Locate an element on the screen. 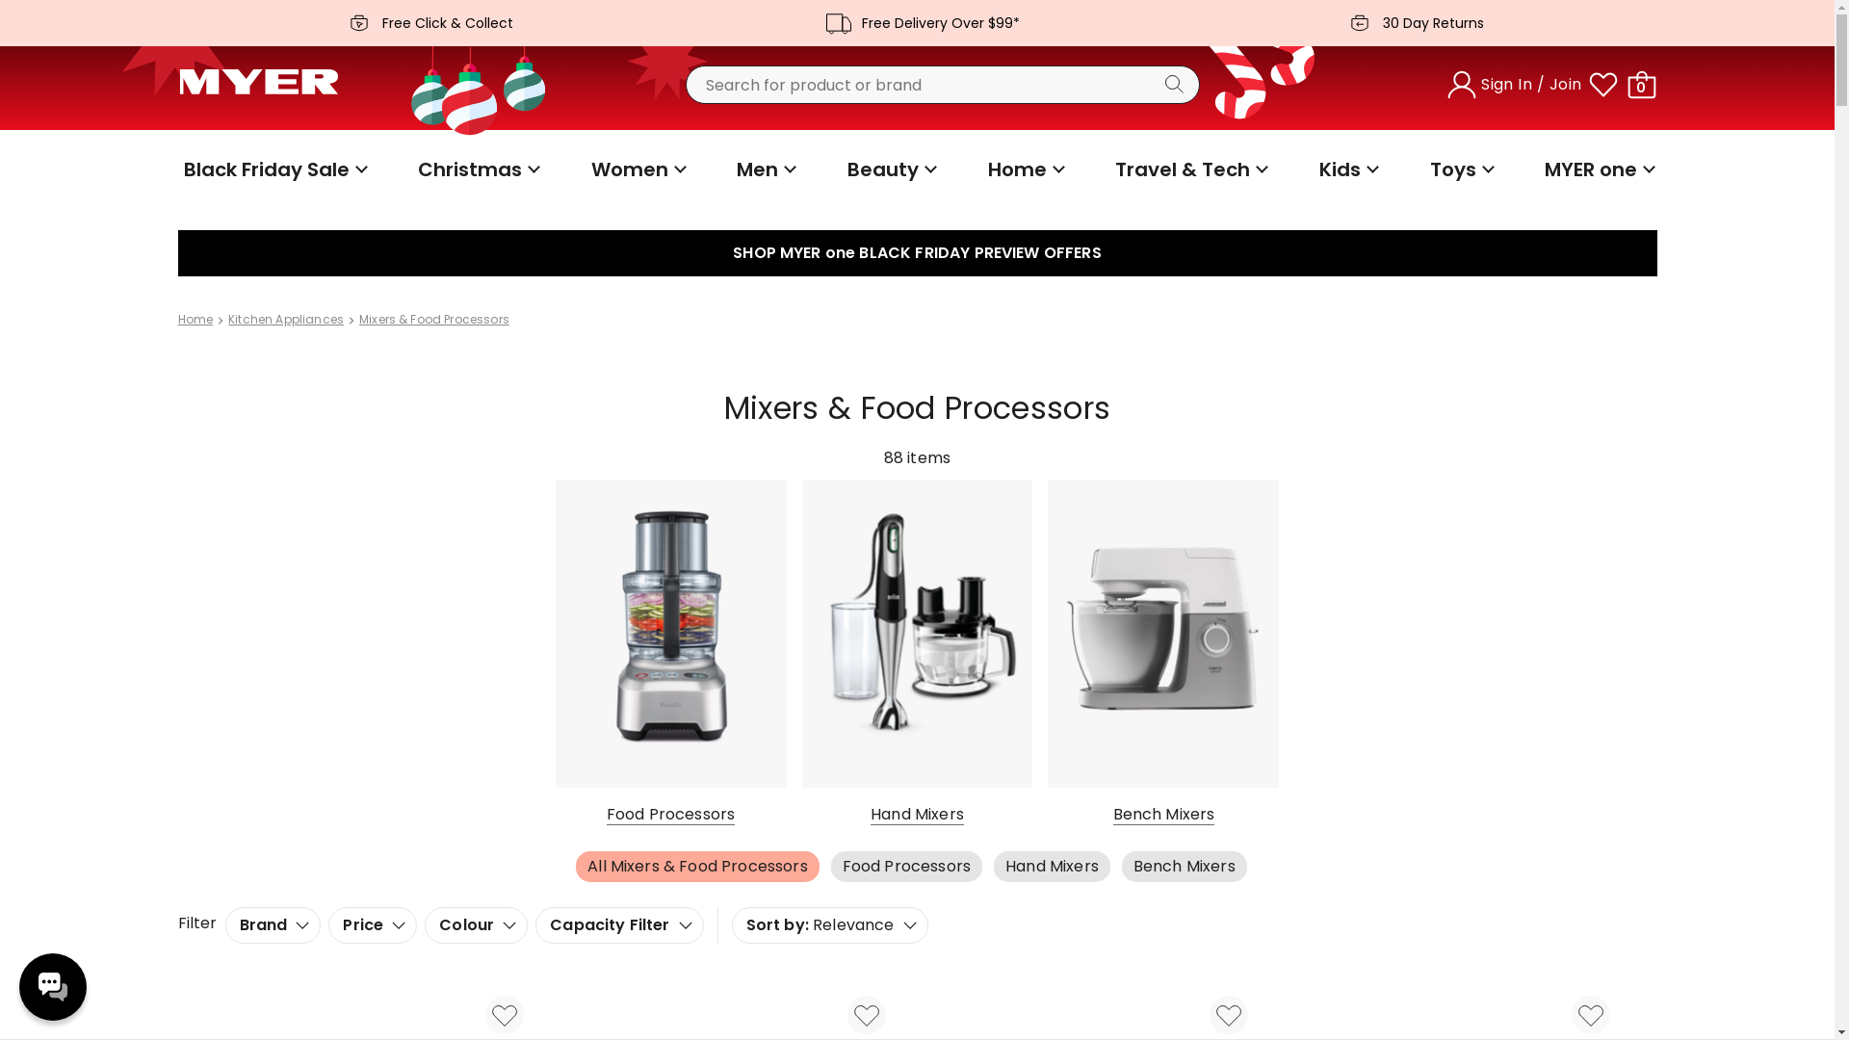 Image resolution: width=1849 pixels, height=1040 pixels. 'Women' is located at coordinates (585, 169).